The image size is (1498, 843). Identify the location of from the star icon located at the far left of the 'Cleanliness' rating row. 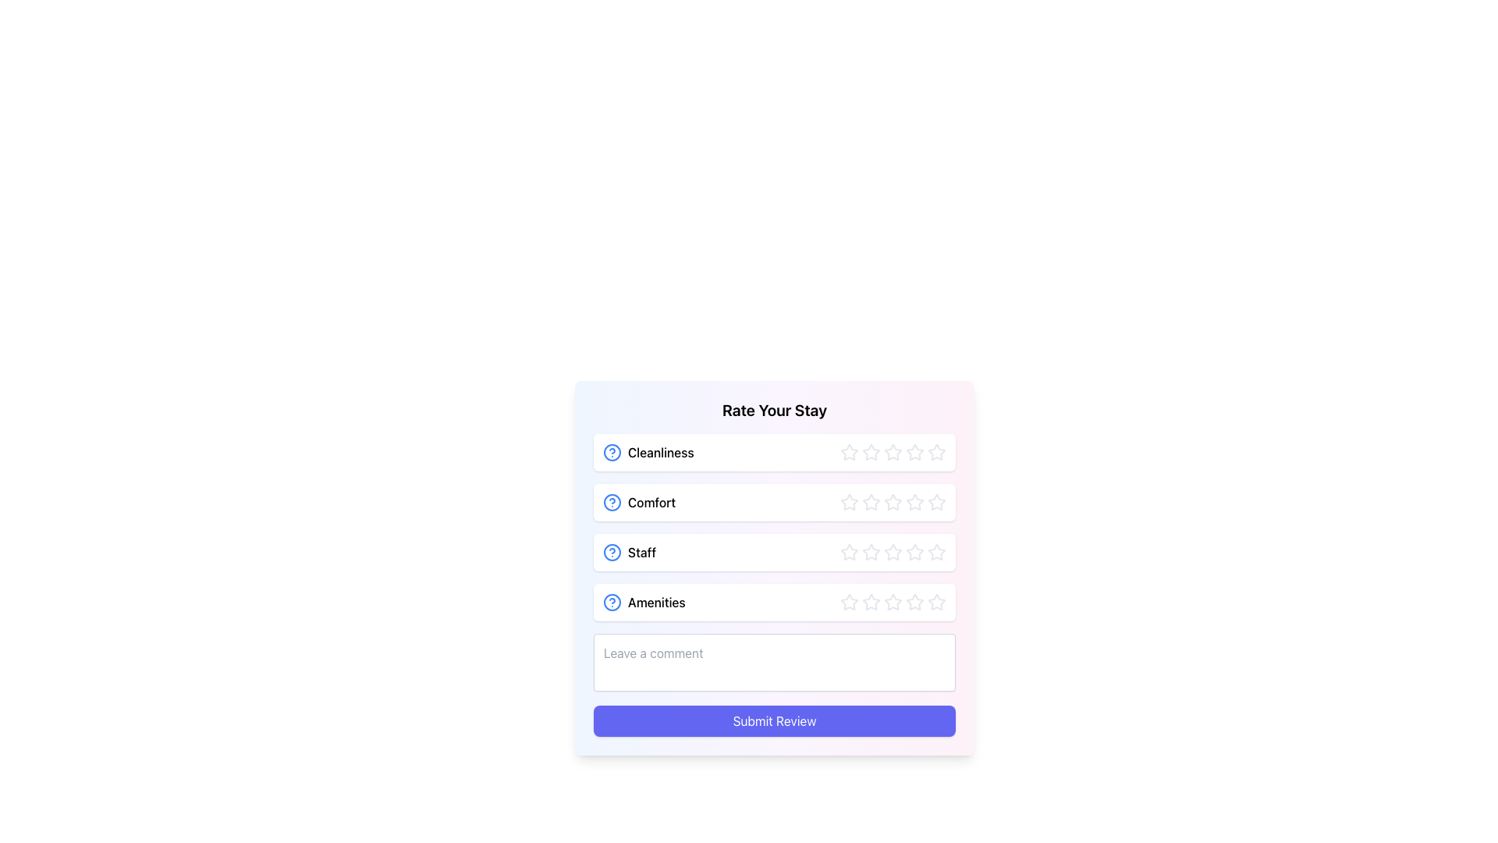
(849, 452).